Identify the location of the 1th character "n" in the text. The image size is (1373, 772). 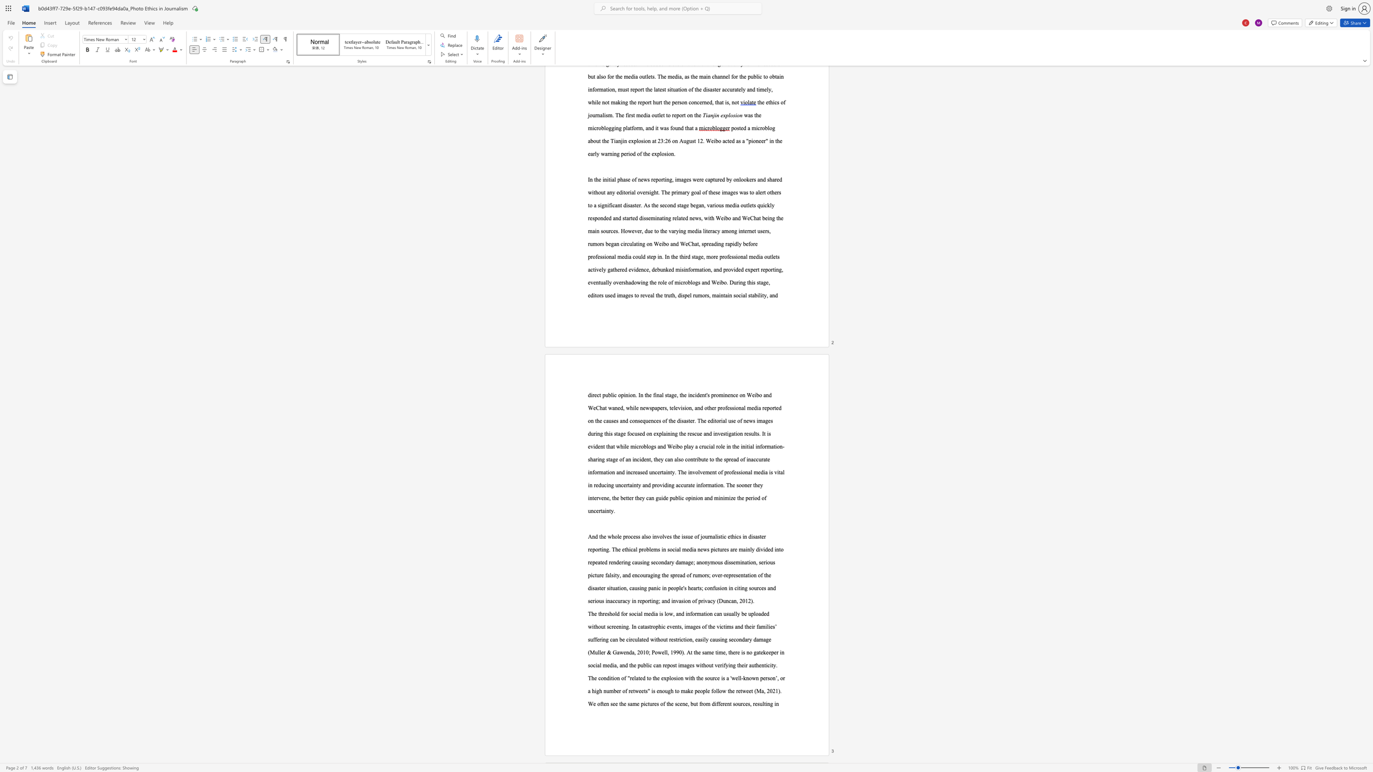
(769, 703).